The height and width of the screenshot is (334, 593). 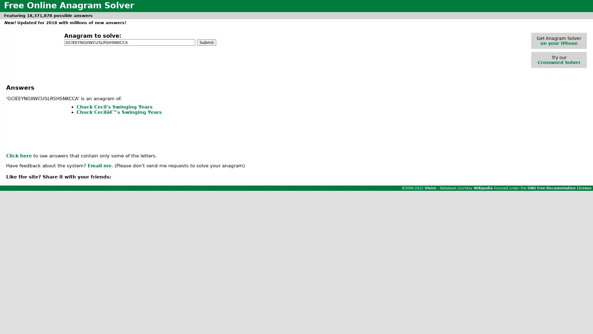 What do you see at coordinates (206, 42) in the screenshot?
I see `Submit` at bounding box center [206, 42].